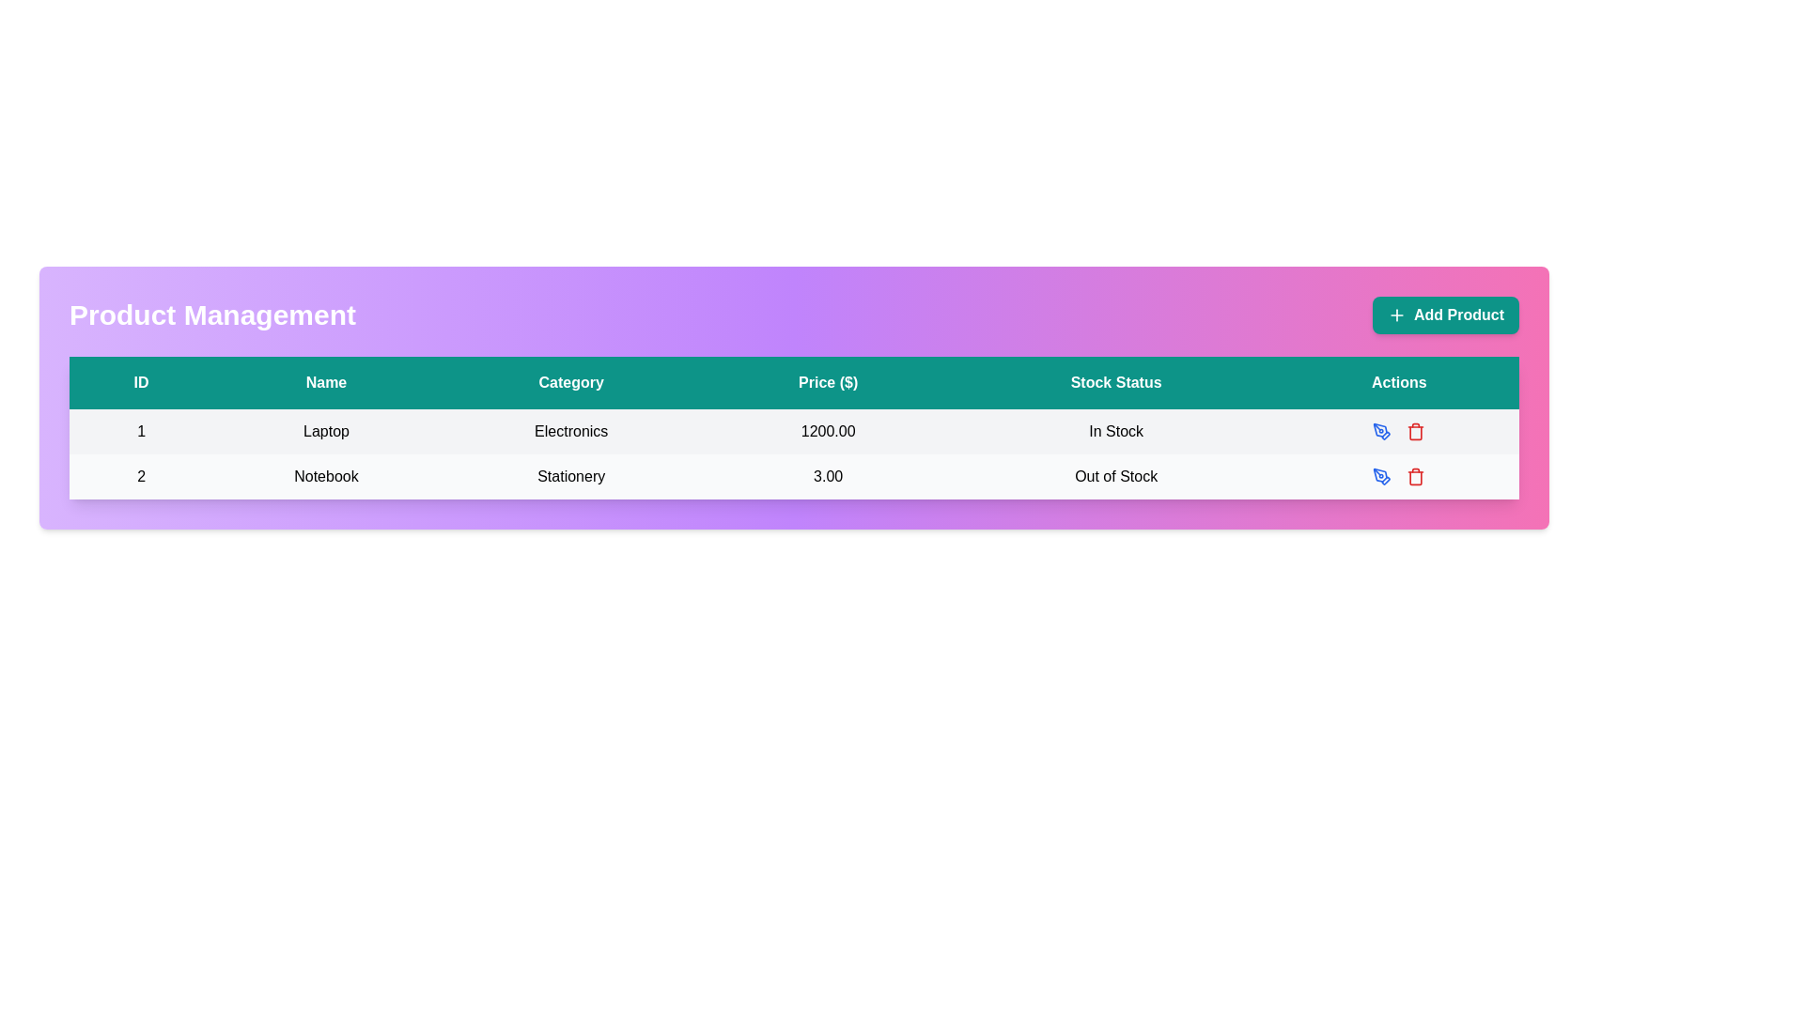 The height and width of the screenshot is (1014, 1804). Describe the element at coordinates (1397, 314) in the screenshot. I see `the appearance of the 'add' icon located within the 'Add Product' button at the top-right corner of the UI` at that location.